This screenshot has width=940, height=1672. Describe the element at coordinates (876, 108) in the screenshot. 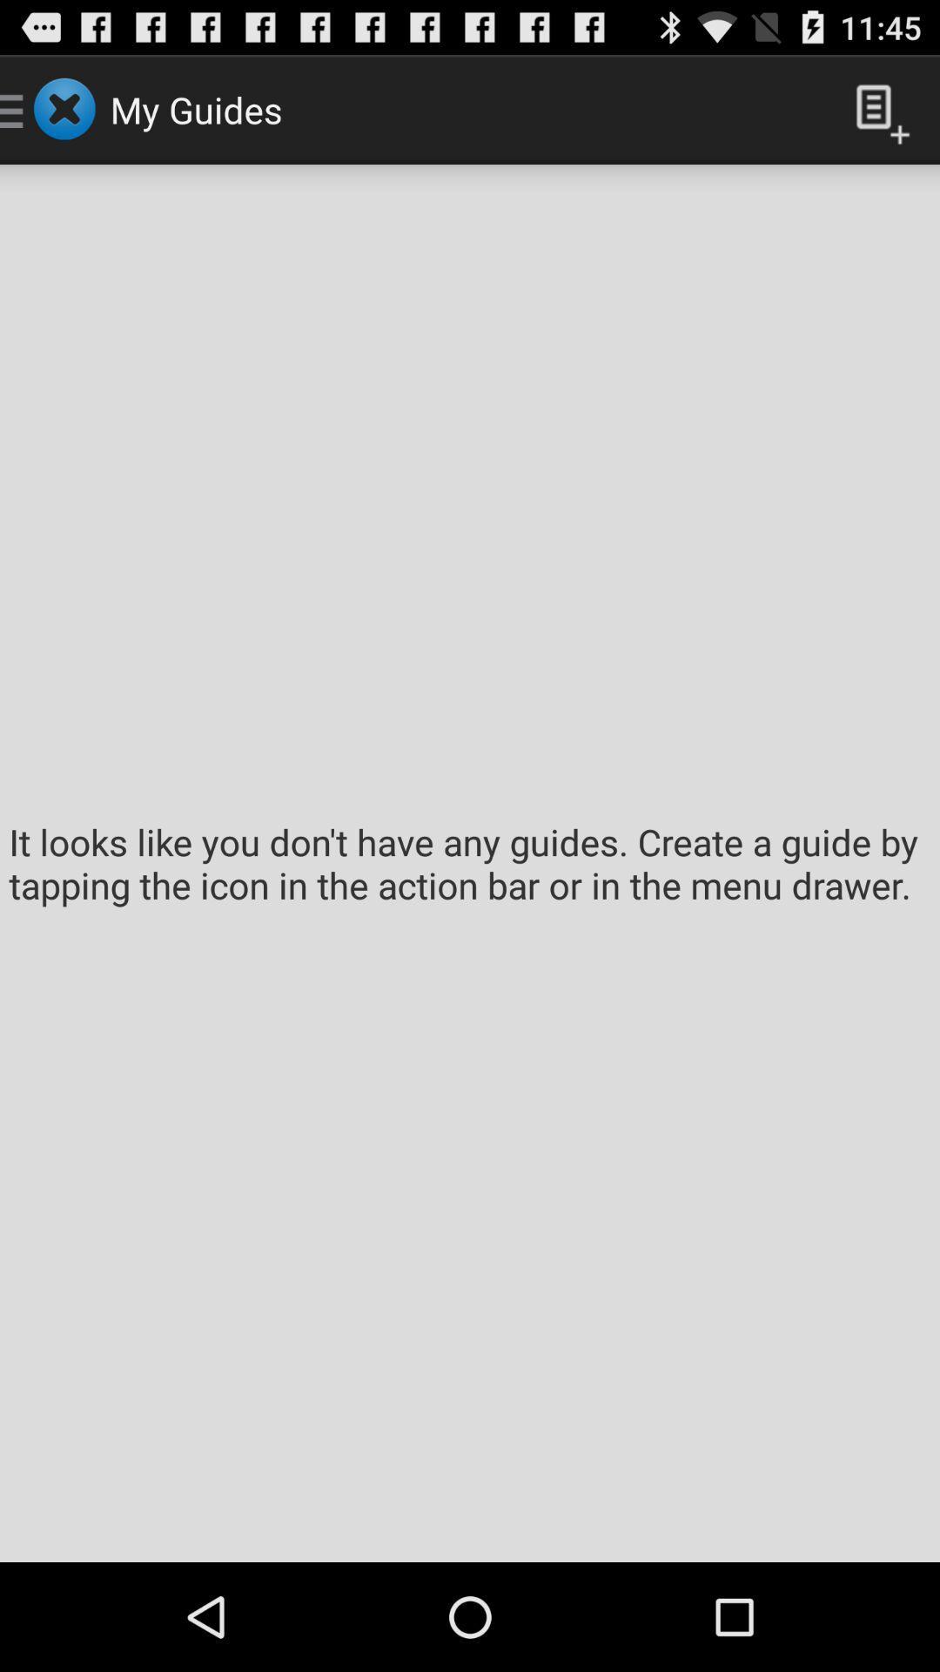

I see `the app next to the my guides app` at that location.